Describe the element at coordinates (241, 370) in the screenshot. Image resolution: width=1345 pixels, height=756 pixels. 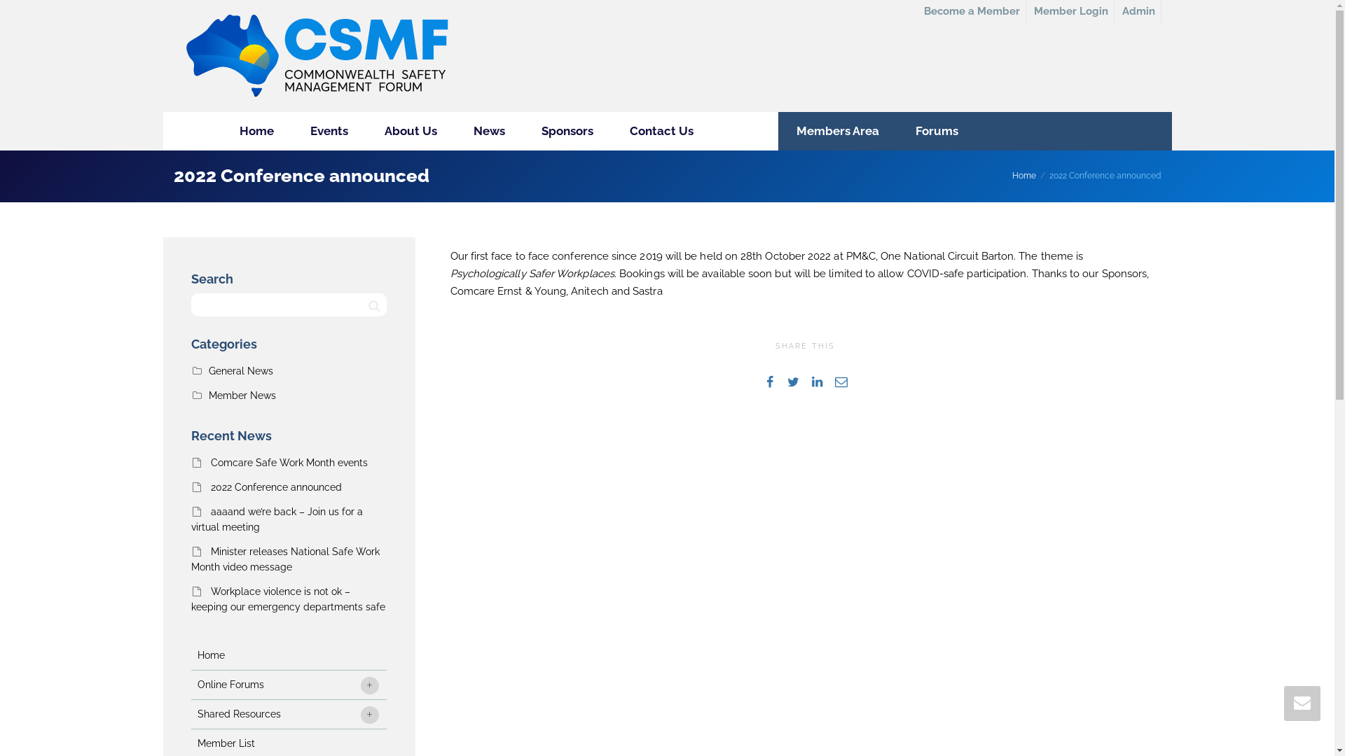
I see `'General News'` at that location.